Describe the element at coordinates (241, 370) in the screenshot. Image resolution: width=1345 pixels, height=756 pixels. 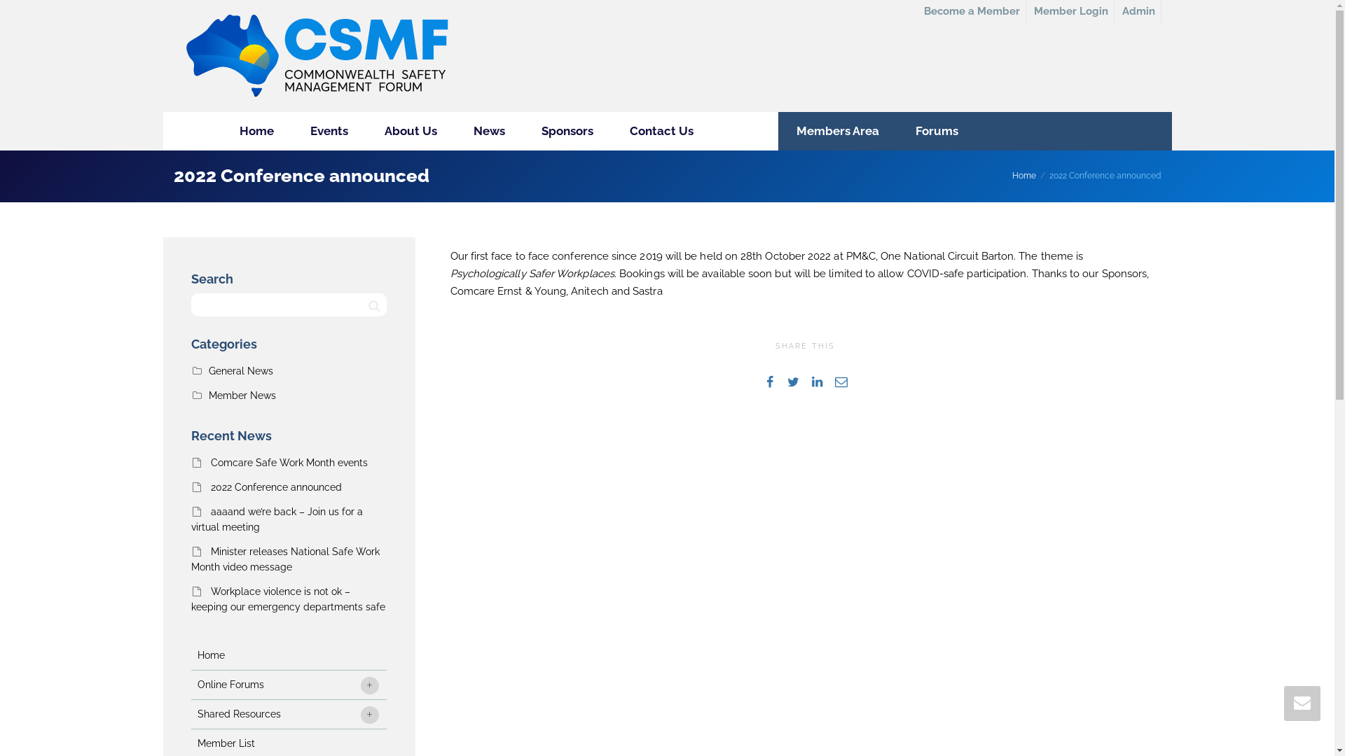
I see `'General News'` at that location.